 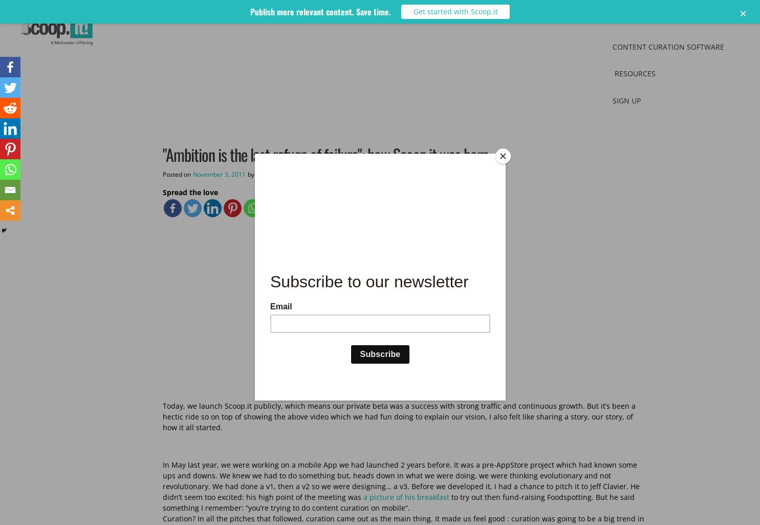 What do you see at coordinates (282, 173) in the screenshot?
I see `'Guillaume Decugis'` at bounding box center [282, 173].